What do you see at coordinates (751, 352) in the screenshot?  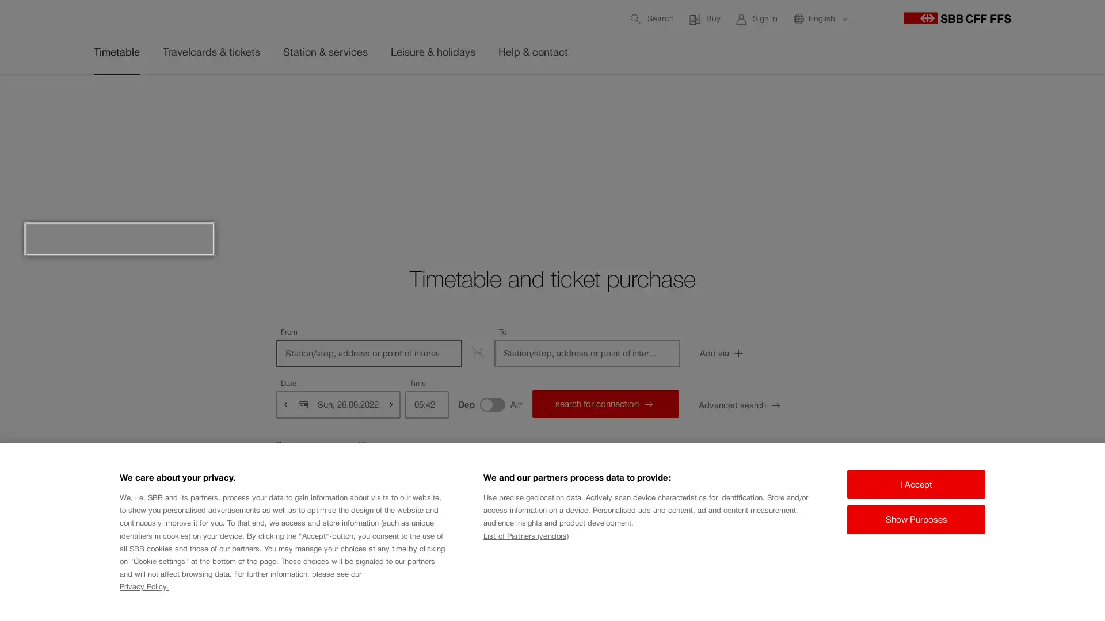 I see `Add via` at bounding box center [751, 352].